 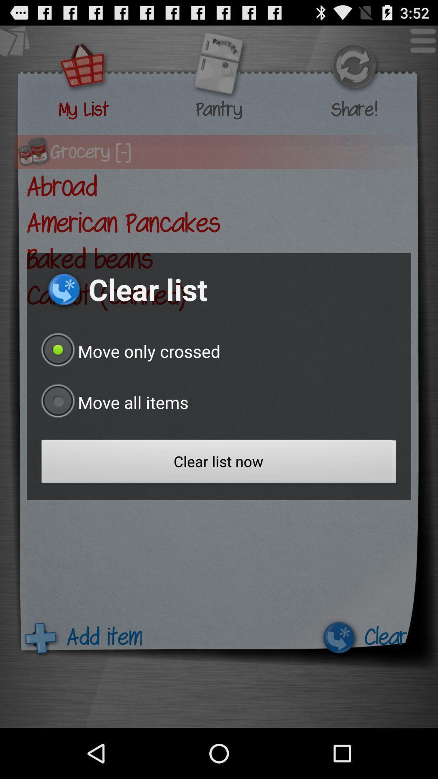 What do you see at coordinates (128, 351) in the screenshot?
I see `item above the move all items item` at bounding box center [128, 351].